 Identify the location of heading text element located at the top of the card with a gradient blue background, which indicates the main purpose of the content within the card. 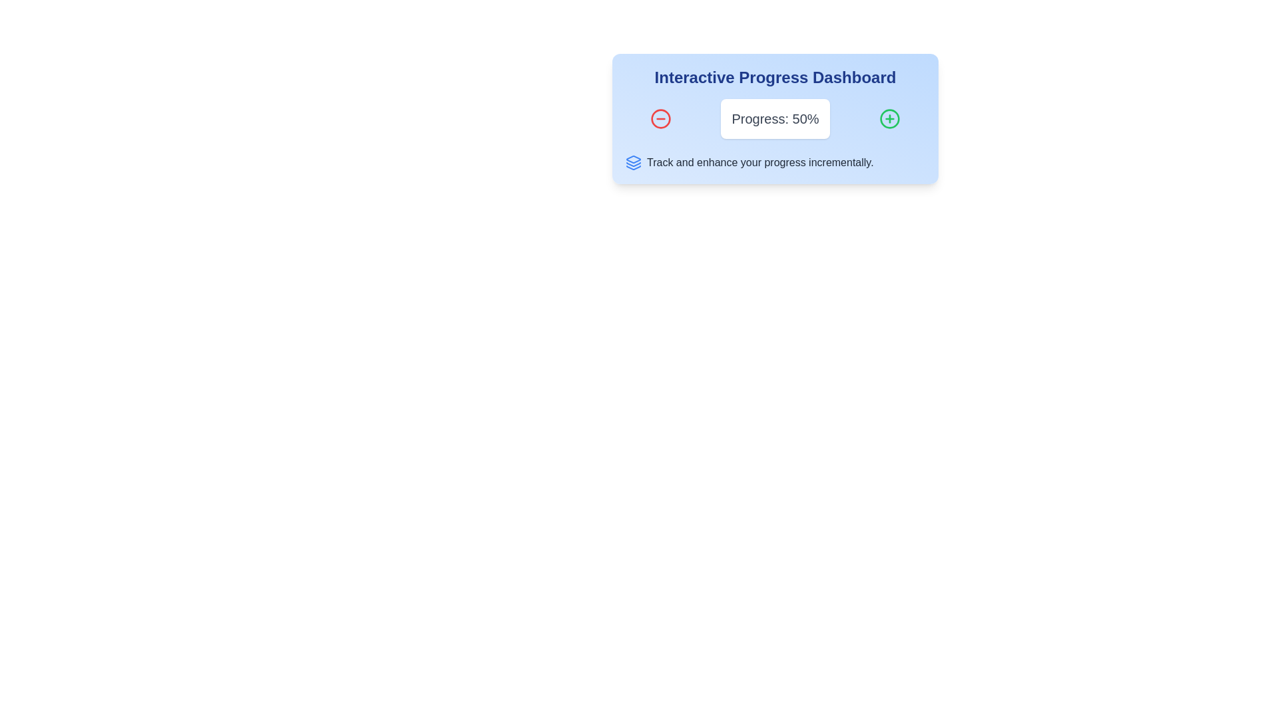
(775, 77).